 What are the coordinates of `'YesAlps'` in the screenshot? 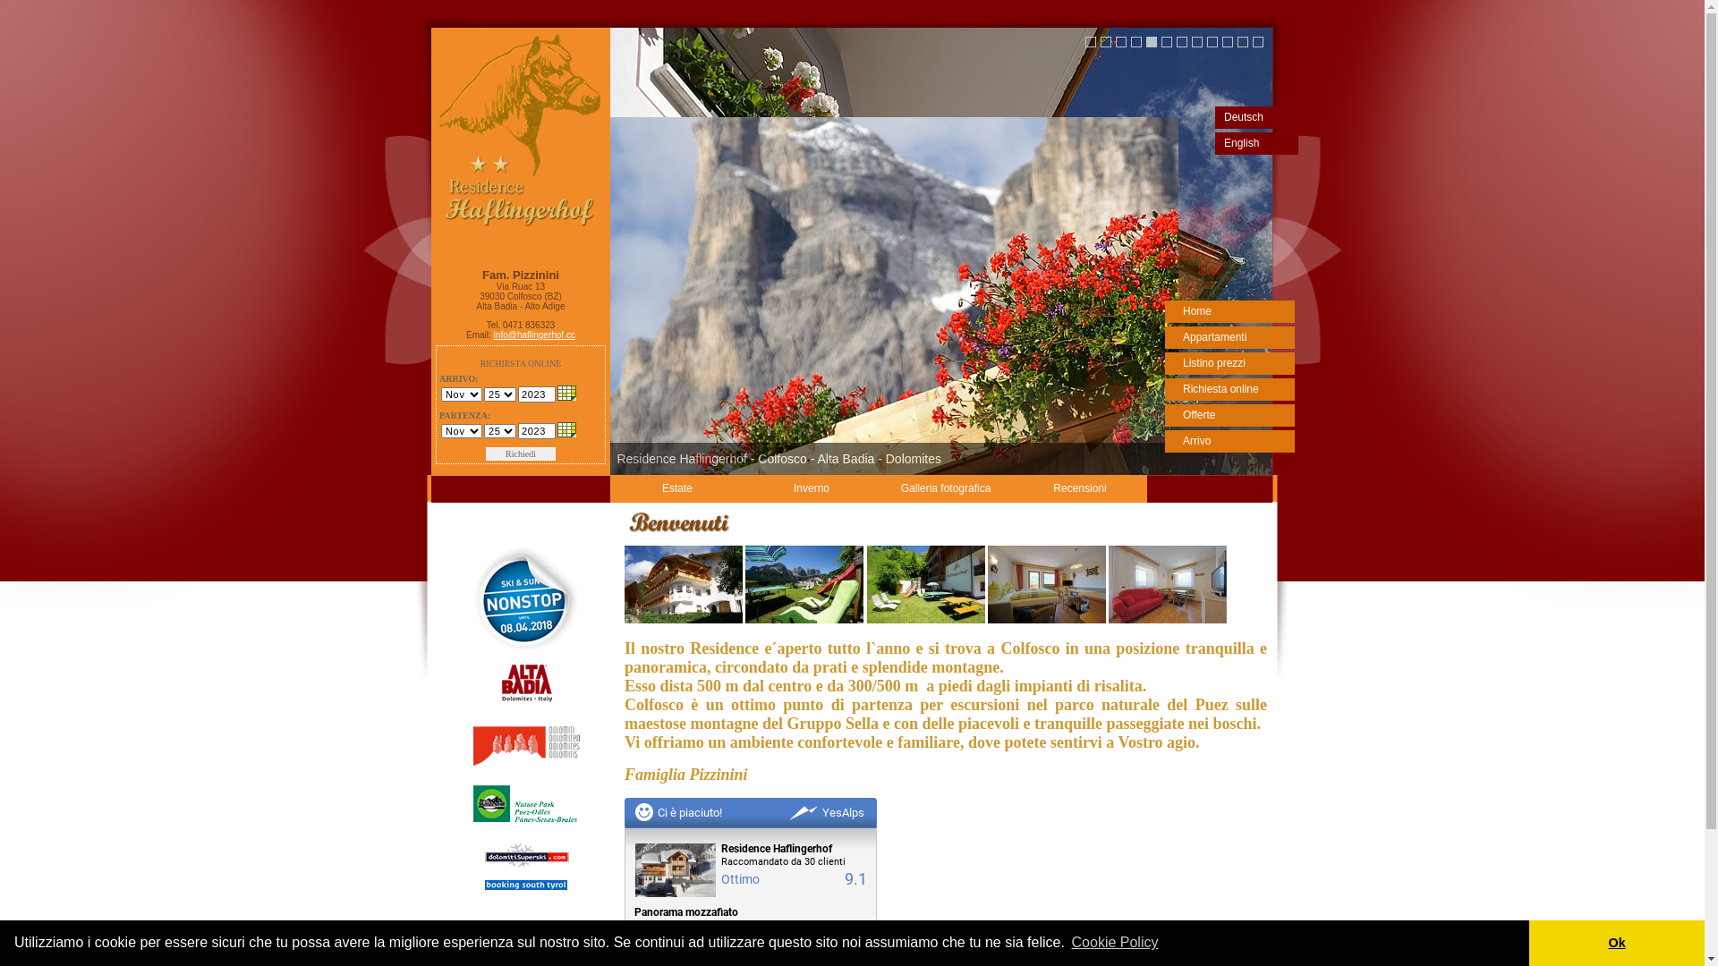 It's located at (826, 812).